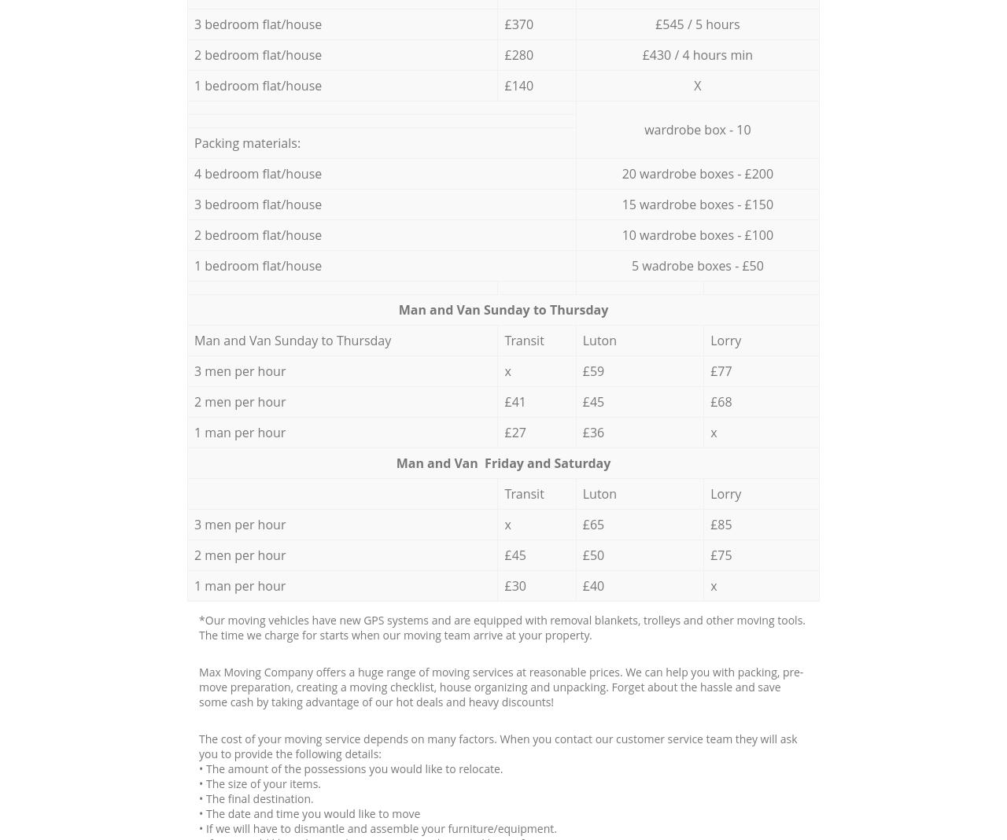 This screenshot has height=840, width=1007. Describe the element at coordinates (515, 584) in the screenshot. I see `'£30'` at that location.